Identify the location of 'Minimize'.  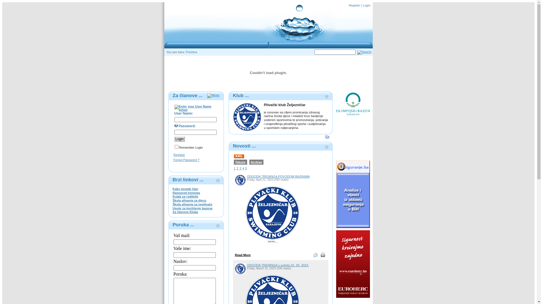
(217, 180).